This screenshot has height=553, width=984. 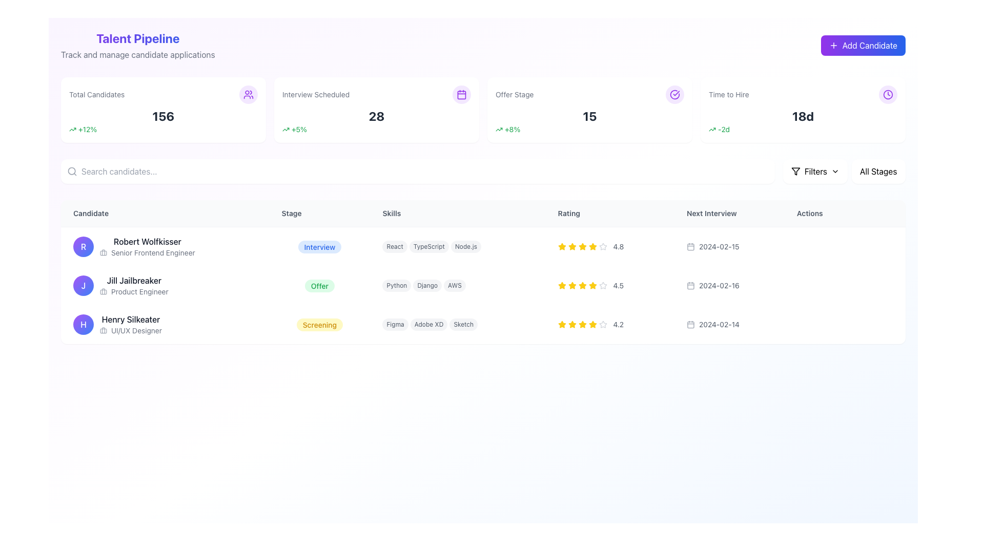 I want to click on the name 'Henry Silkeater' in the profile summary entry, so click(x=165, y=324).